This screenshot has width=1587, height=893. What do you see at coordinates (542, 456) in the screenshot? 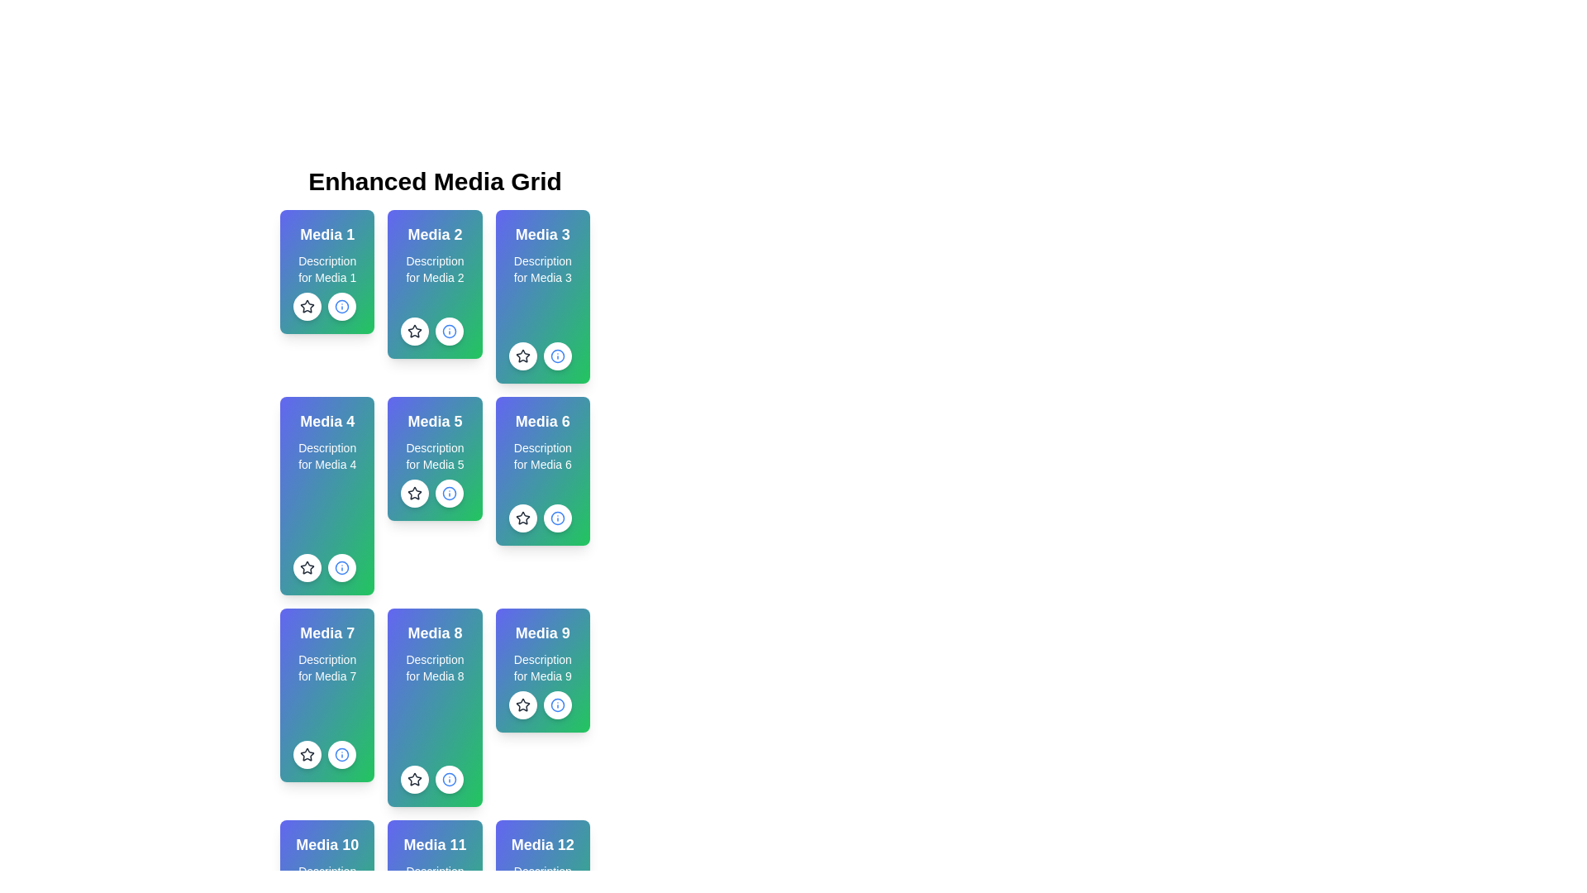
I see `the subtitle text label that provides contextual information about the card labeled 'Media 6', located in the center of the interface in the second column and second row of a grid layout` at bounding box center [542, 456].